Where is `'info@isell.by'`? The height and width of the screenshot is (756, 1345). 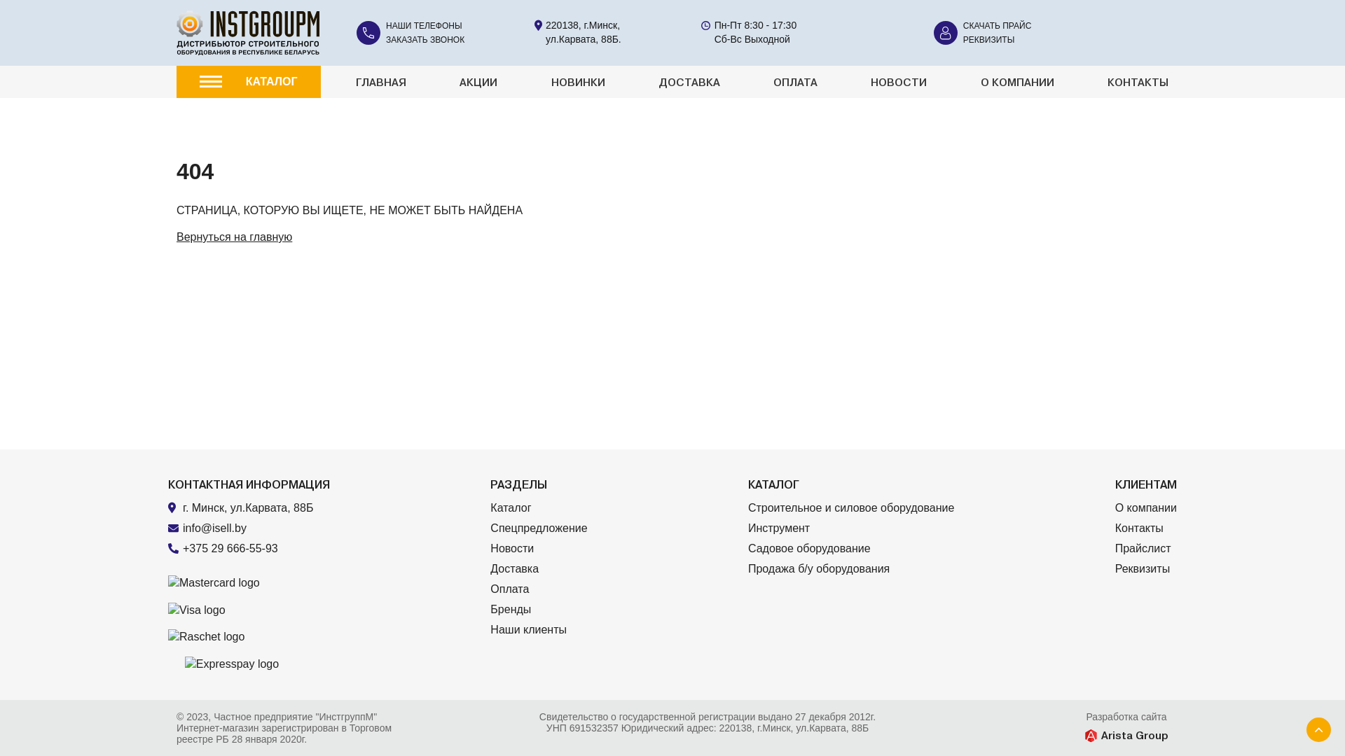
'info@isell.by' is located at coordinates (214, 528).